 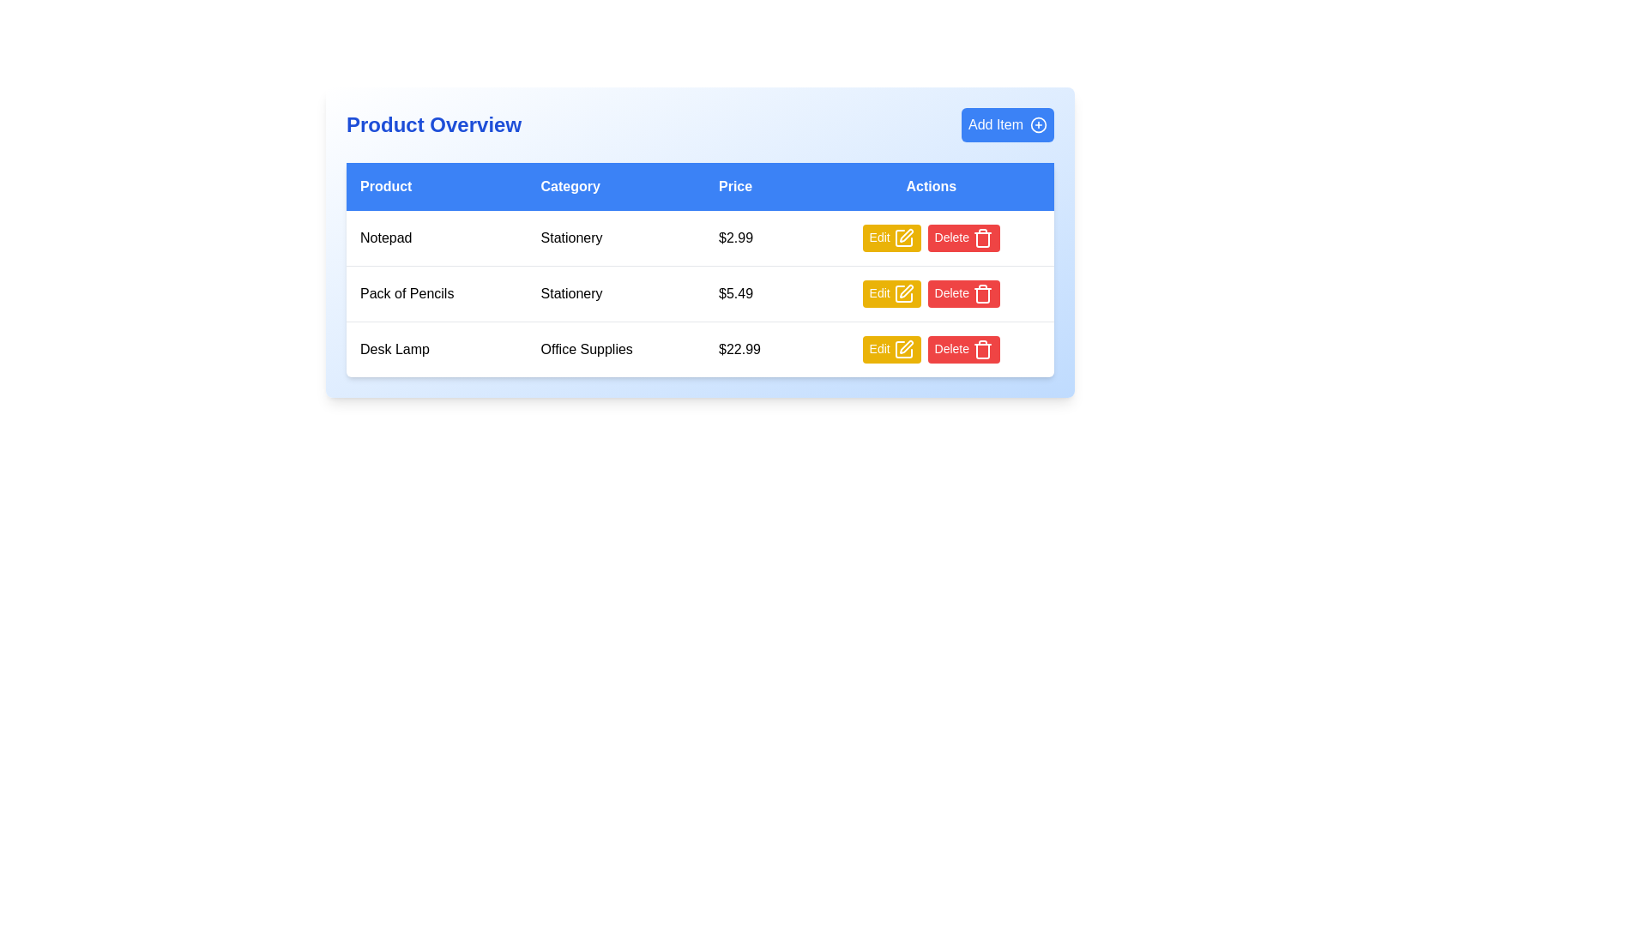 What do you see at coordinates (905, 347) in the screenshot?
I see `the small yellow pen icon in the 'Actions' column of the data table corresponding to the 'Desk Lamp' item to initiate the edit function` at bounding box center [905, 347].